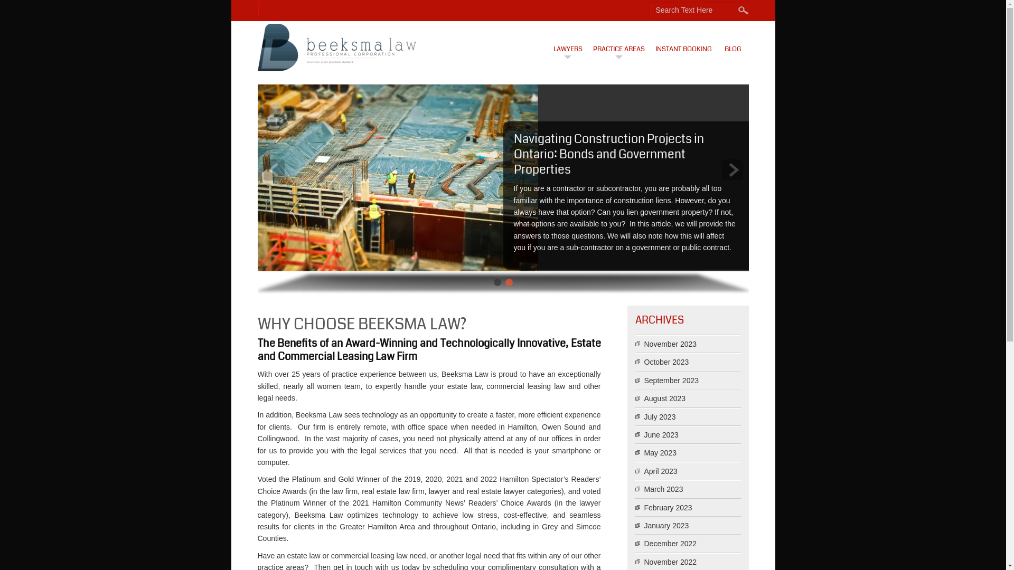 This screenshot has width=1014, height=570. Describe the element at coordinates (732, 169) in the screenshot. I see `'Next'` at that location.